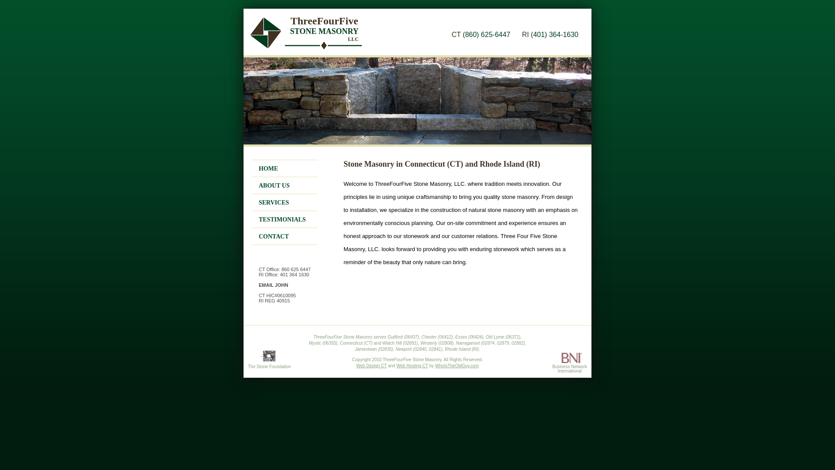 Image resolution: width=835 pixels, height=470 pixels. Describe the element at coordinates (274, 236) in the screenshot. I see `'CONTACT'` at that location.